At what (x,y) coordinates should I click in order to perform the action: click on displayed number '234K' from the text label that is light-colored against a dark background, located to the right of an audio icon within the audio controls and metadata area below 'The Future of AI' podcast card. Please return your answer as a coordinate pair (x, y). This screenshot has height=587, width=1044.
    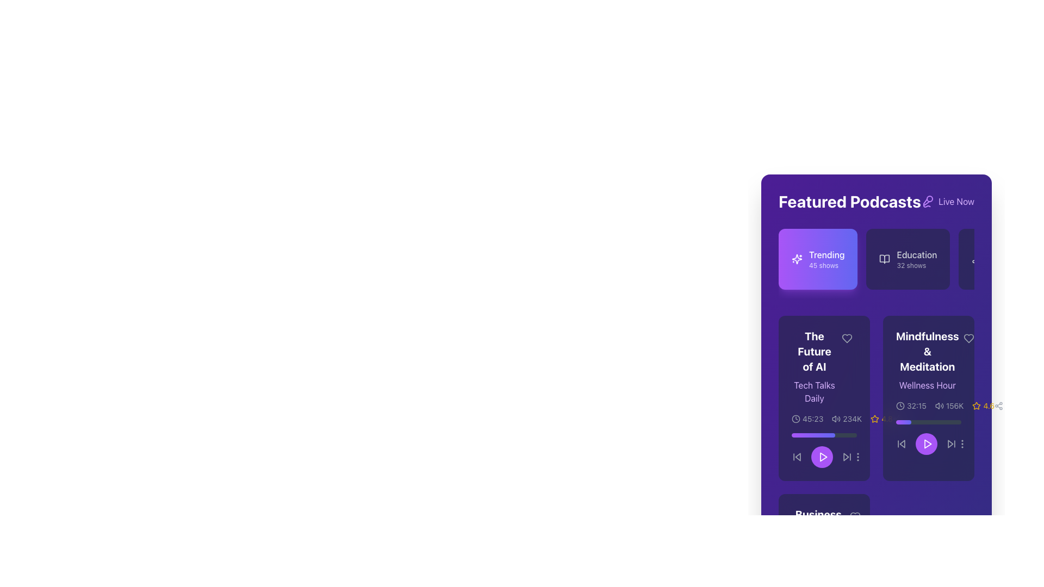
    Looking at the image, I should click on (852, 419).